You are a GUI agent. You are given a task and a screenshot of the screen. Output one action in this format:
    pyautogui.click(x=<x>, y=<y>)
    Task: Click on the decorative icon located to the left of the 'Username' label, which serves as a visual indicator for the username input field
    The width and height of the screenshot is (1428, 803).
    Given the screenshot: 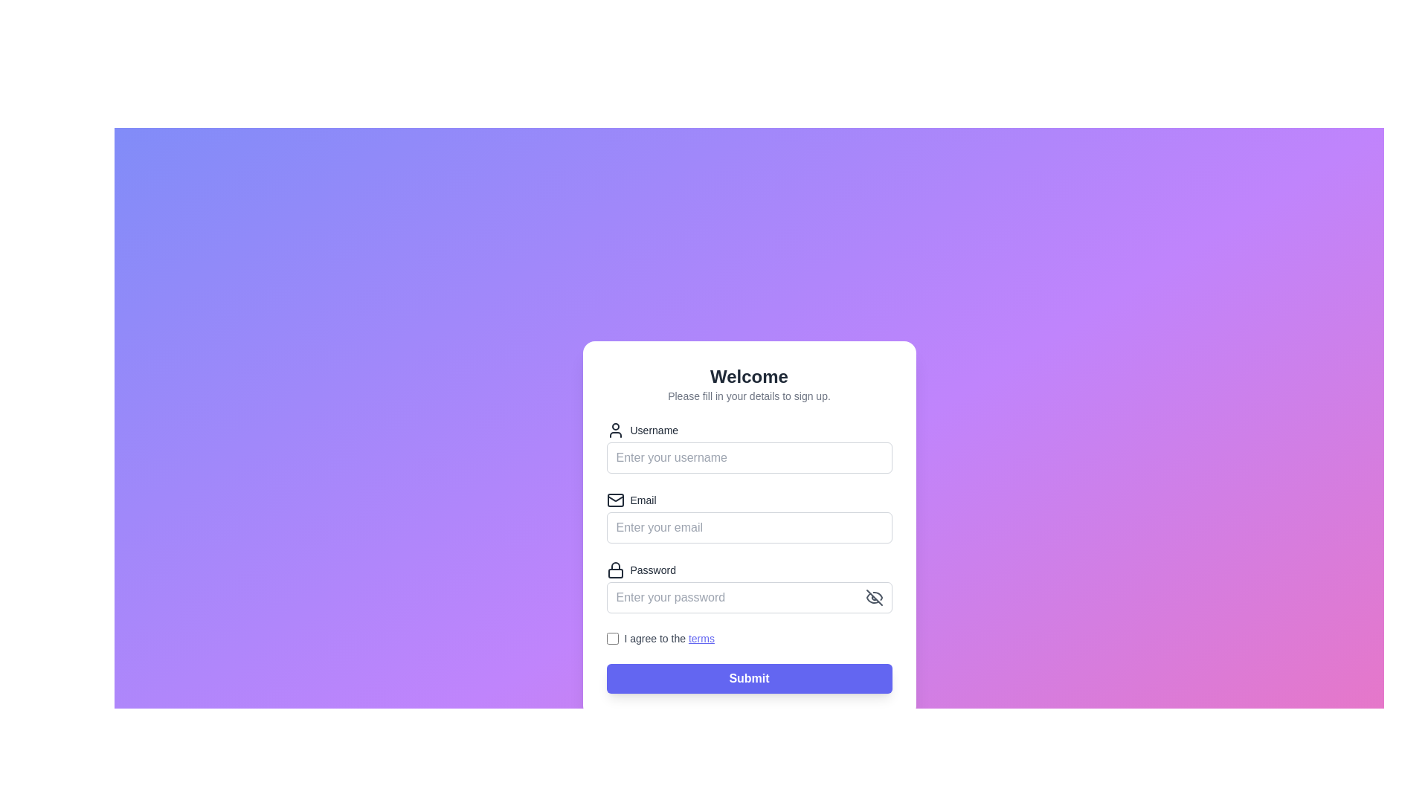 What is the action you would take?
    pyautogui.click(x=615, y=430)
    